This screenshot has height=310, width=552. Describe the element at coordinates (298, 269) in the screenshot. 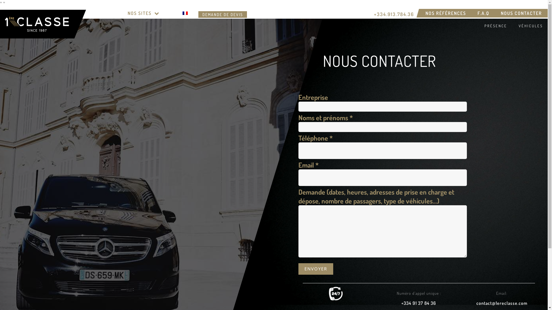

I see `'Envoyer'` at that location.